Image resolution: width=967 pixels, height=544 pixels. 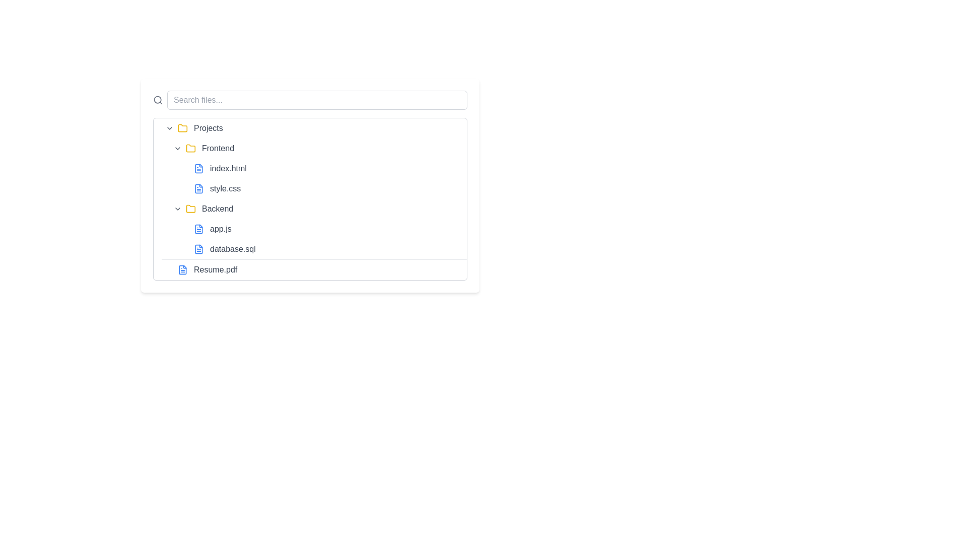 What do you see at coordinates (321, 229) in the screenshot?
I see `the file entry labeled 'app.js'` at bounding box center [321, 229].